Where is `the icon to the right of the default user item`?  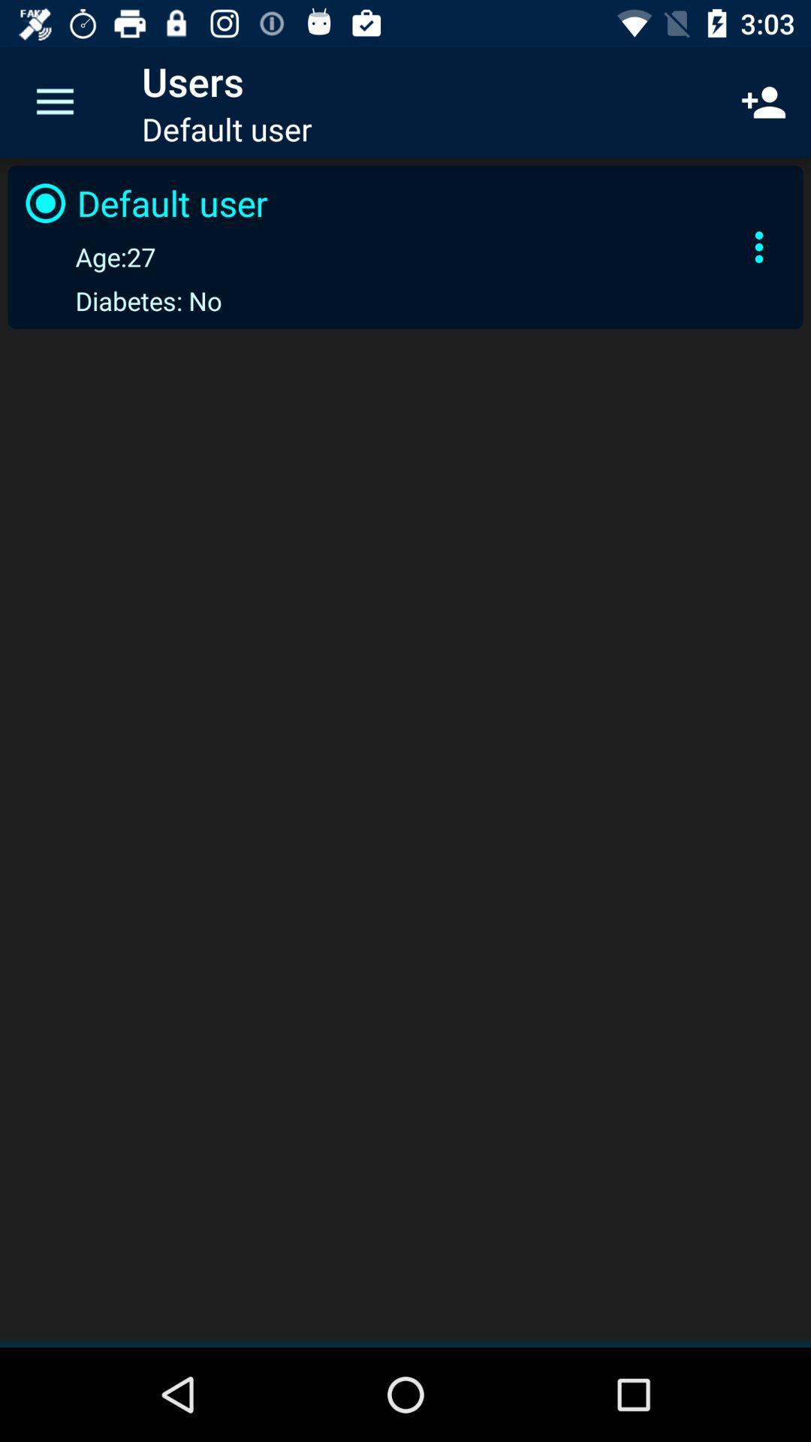
the icon to the right of the default user item is located at coordinates (758, 247).